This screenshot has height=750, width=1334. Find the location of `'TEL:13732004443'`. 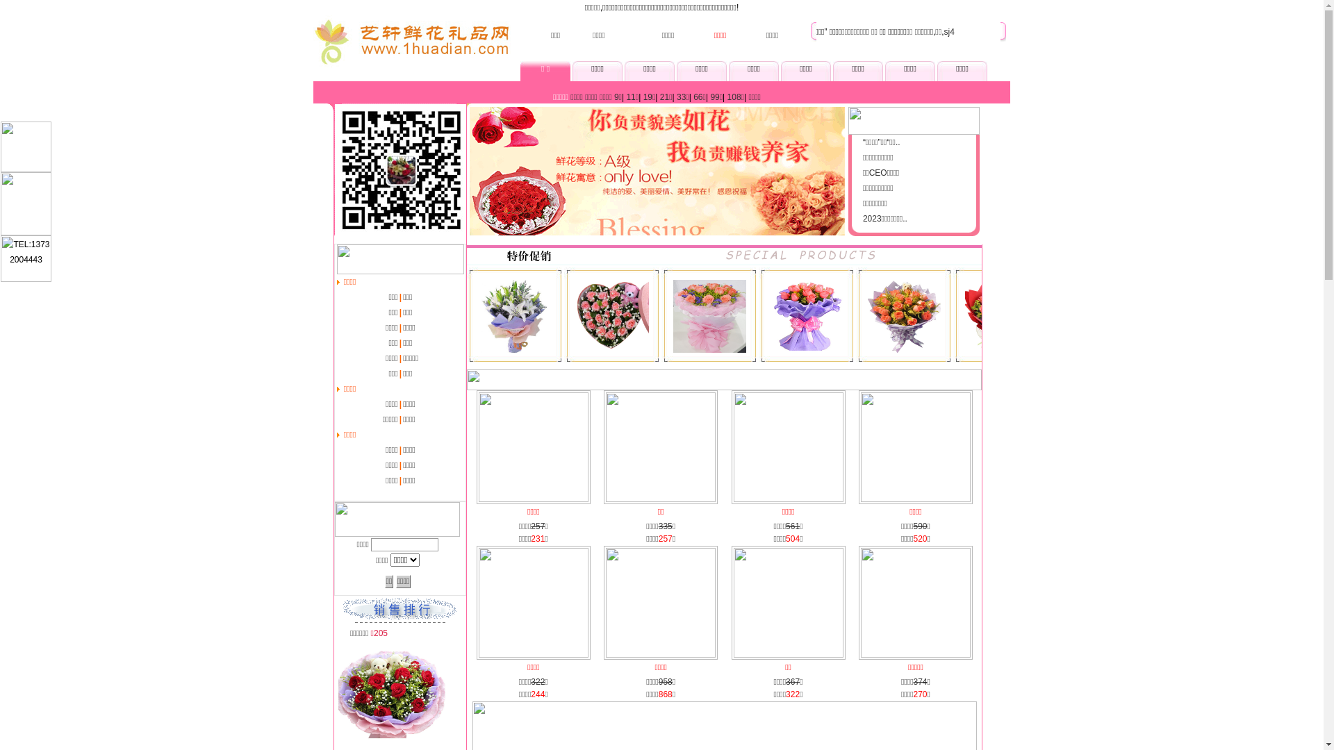

'TEL:13732004443' is located at coordinates (26, 258).